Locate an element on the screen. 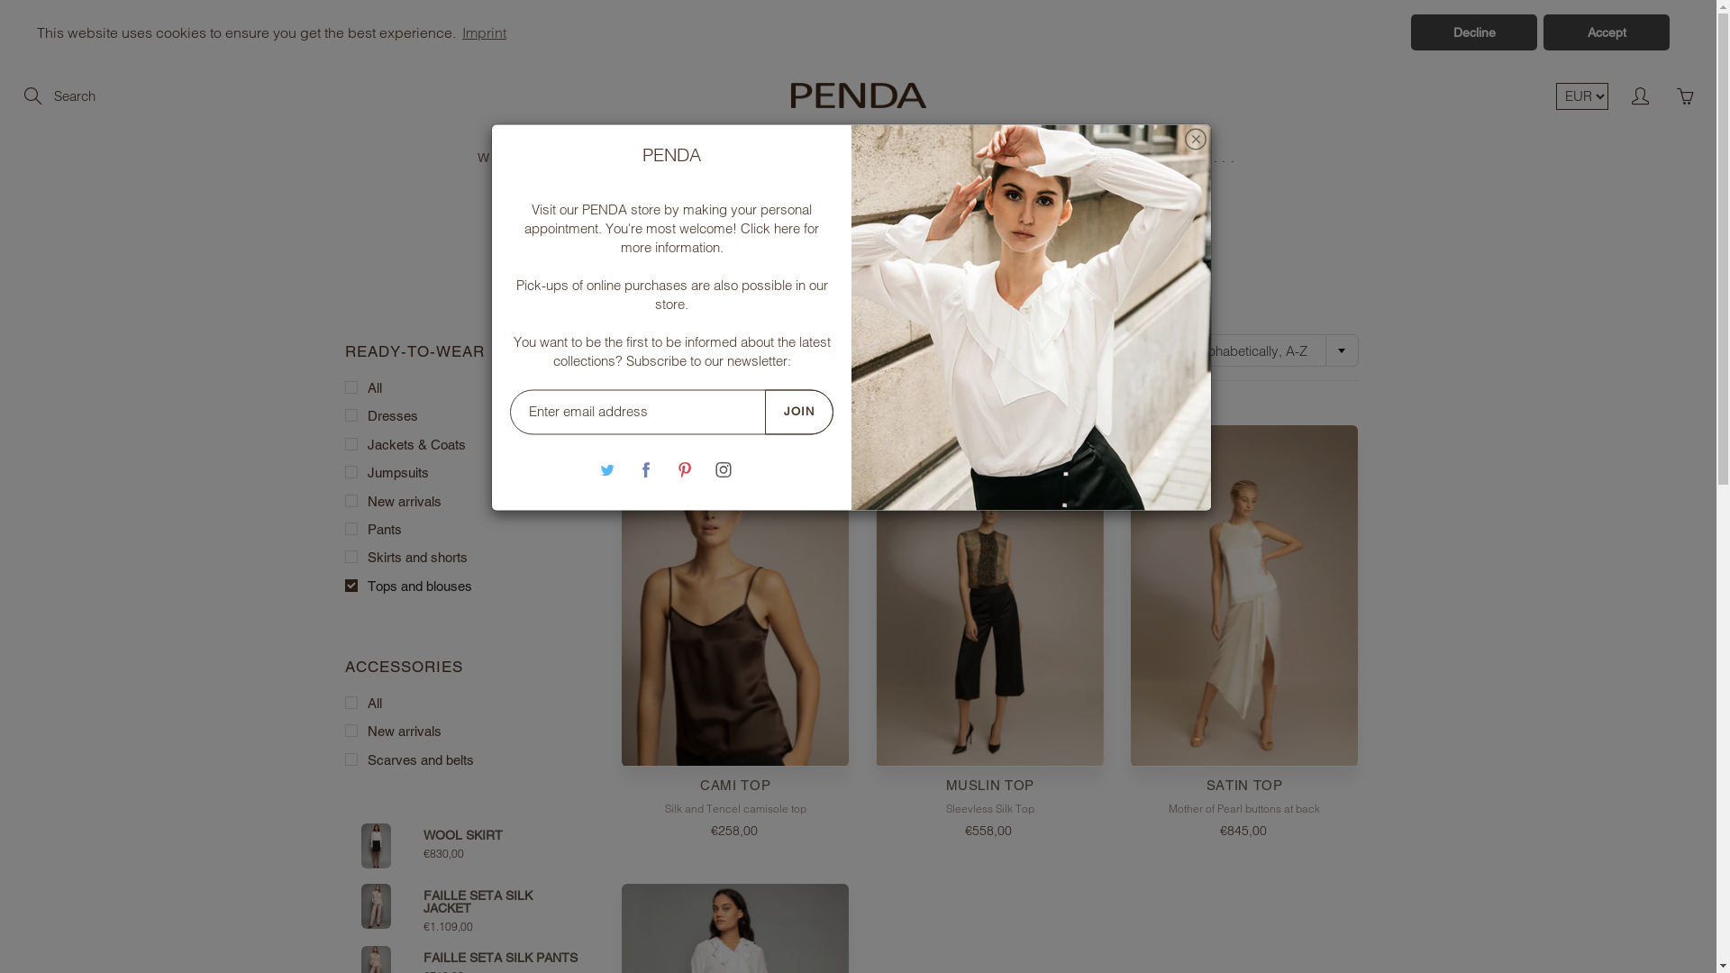 This screenshot has height=973, width=1730. 'WOMEN' is located at coordinates (454, 156).